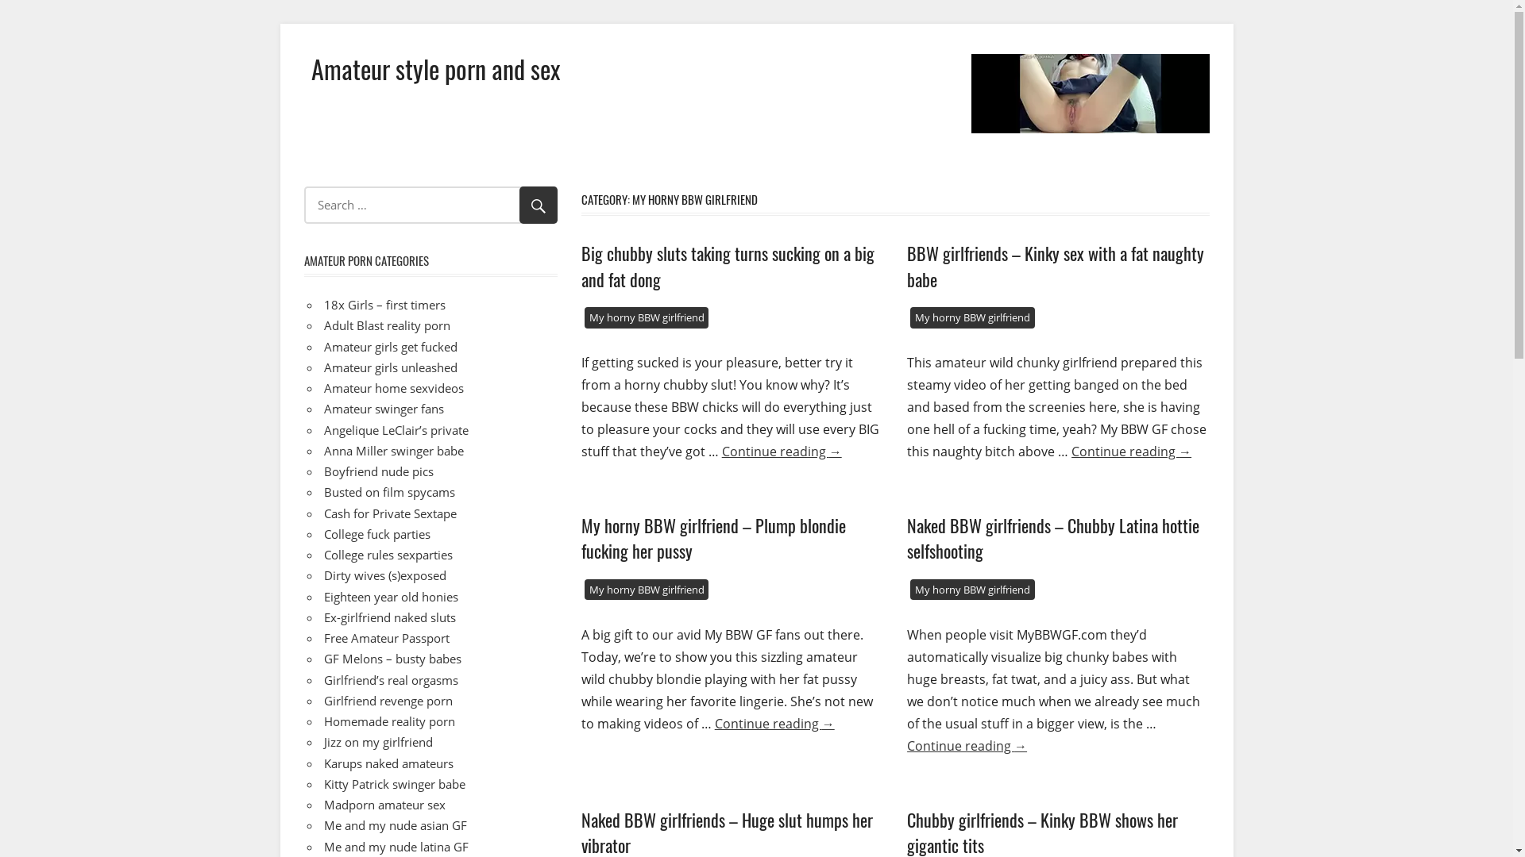  I want to click on 'Anna Miller swinger babe', so click(393, 450).